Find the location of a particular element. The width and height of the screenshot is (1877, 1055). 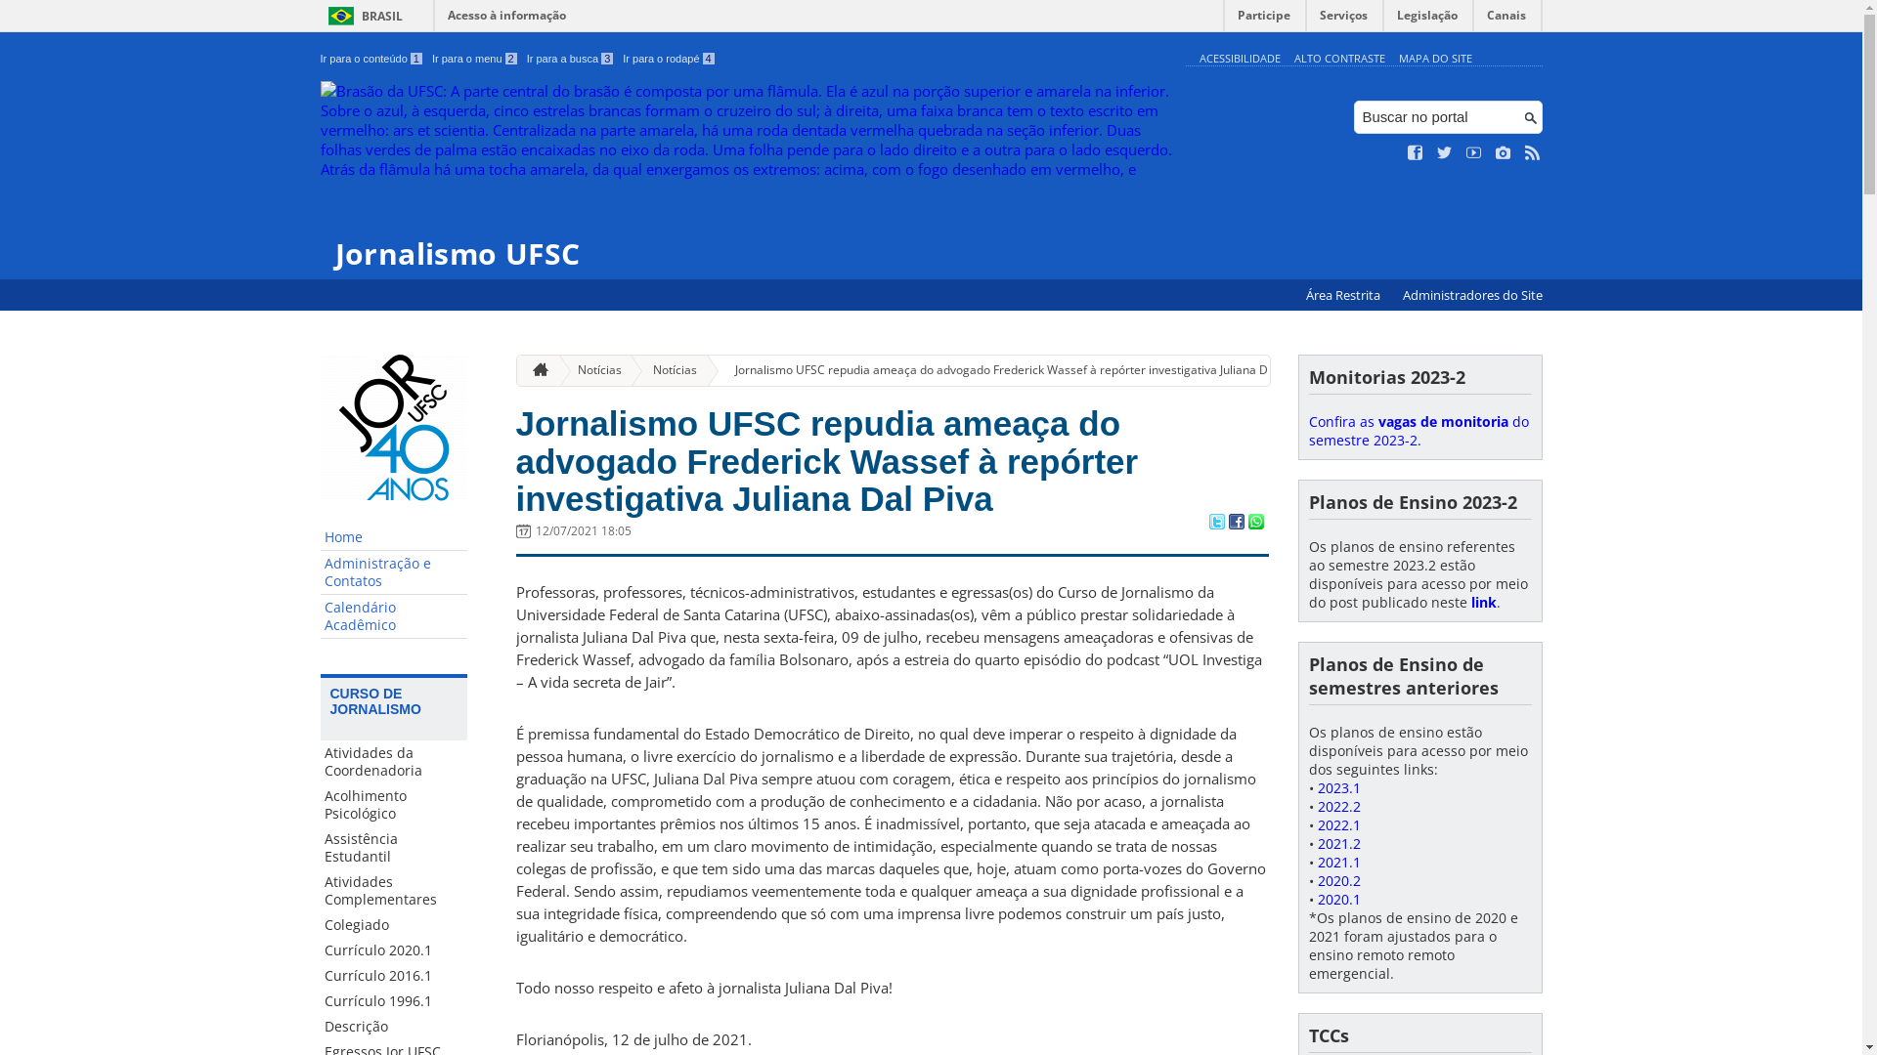

'Atividades Complementares' is located at coordinates (393, 890).